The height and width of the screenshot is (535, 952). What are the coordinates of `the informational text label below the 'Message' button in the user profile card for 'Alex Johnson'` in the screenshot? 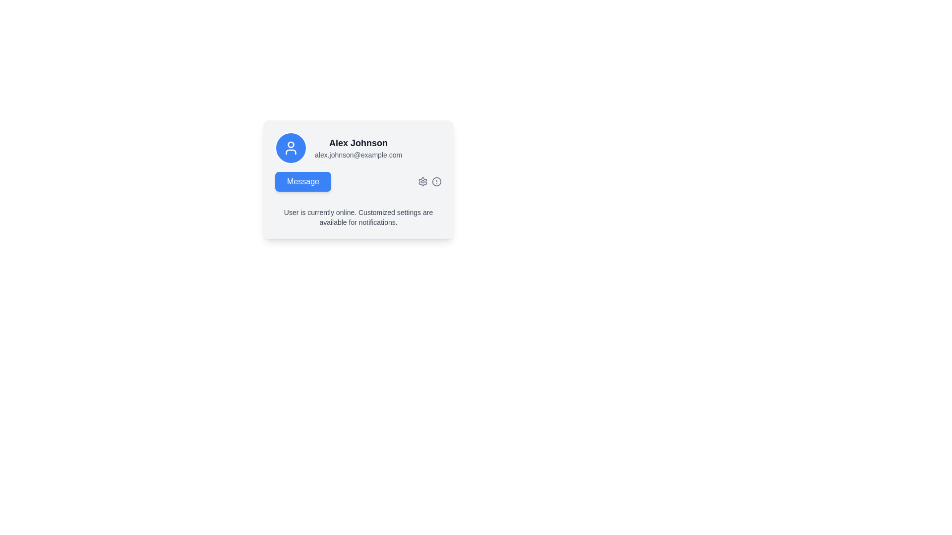 It's located at (358, 213).